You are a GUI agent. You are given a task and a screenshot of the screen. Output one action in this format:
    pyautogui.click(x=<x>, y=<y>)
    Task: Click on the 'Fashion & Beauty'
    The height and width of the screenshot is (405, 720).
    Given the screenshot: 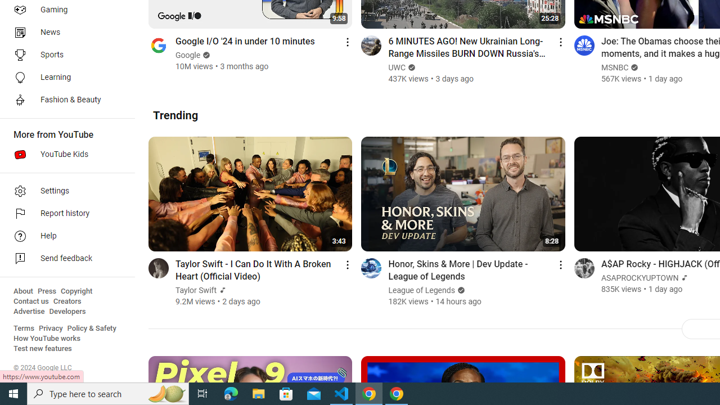 What is the action you would take?
    pyautogui.click(x=63, y=99)
    